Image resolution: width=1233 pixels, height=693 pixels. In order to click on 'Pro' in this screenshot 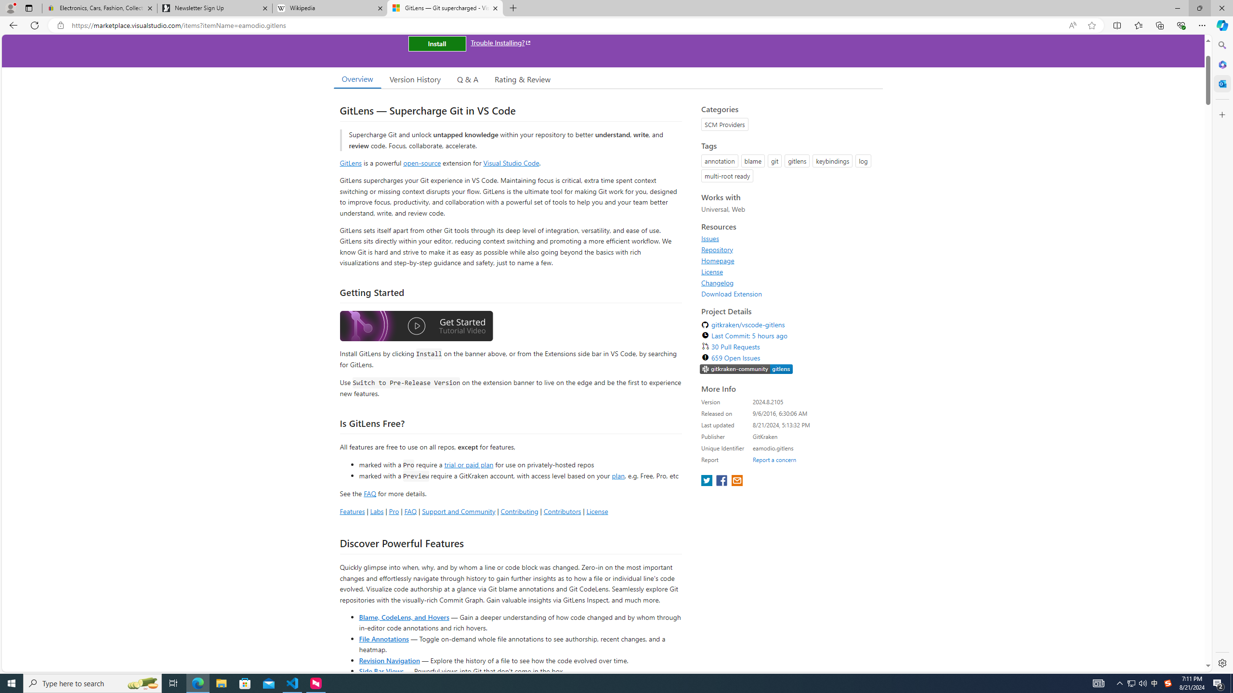, I will do `click(393, 511)`.